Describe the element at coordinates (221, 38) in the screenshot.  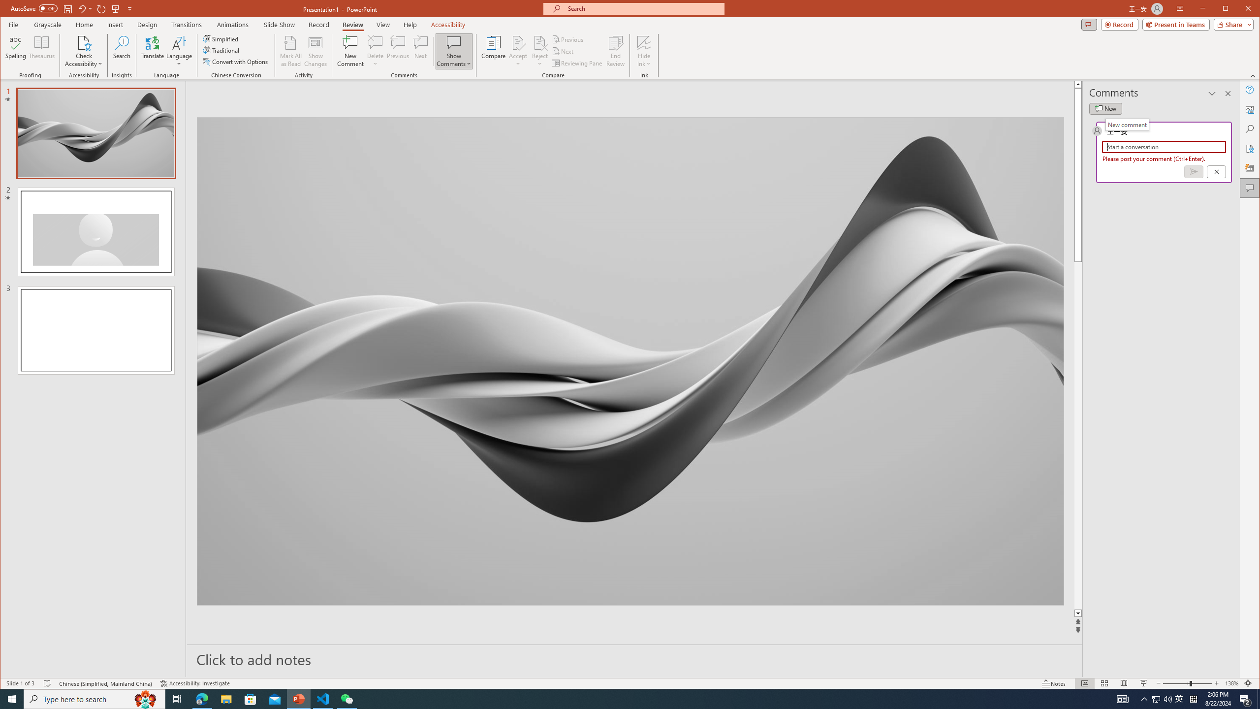
I see `'Simplified'` at that location.